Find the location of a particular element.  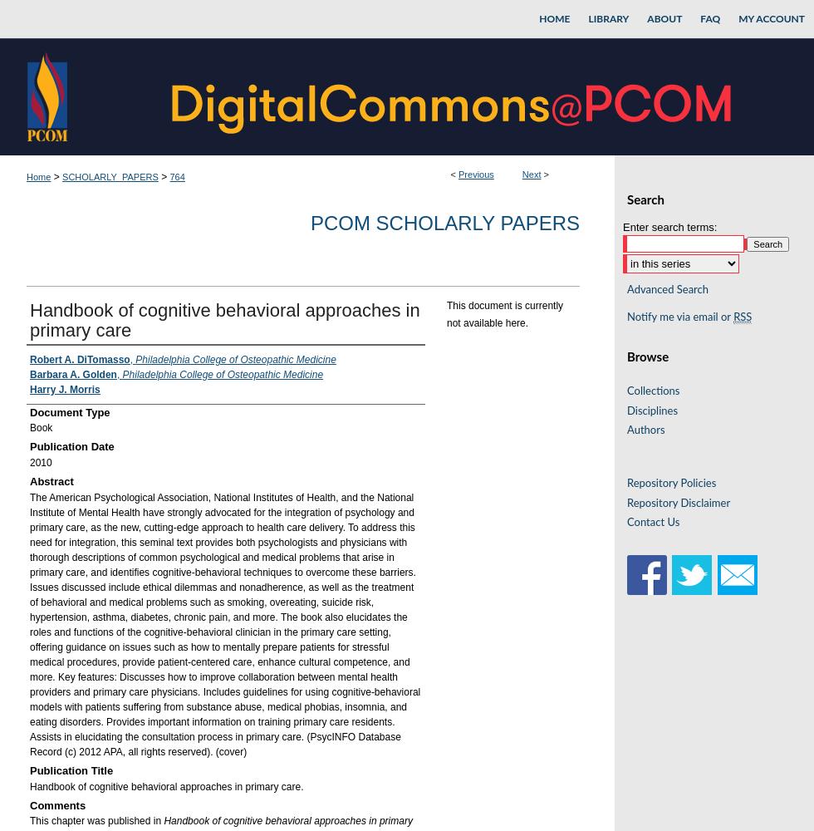

'Notify me via email or' is located at coordinates (626, 317).